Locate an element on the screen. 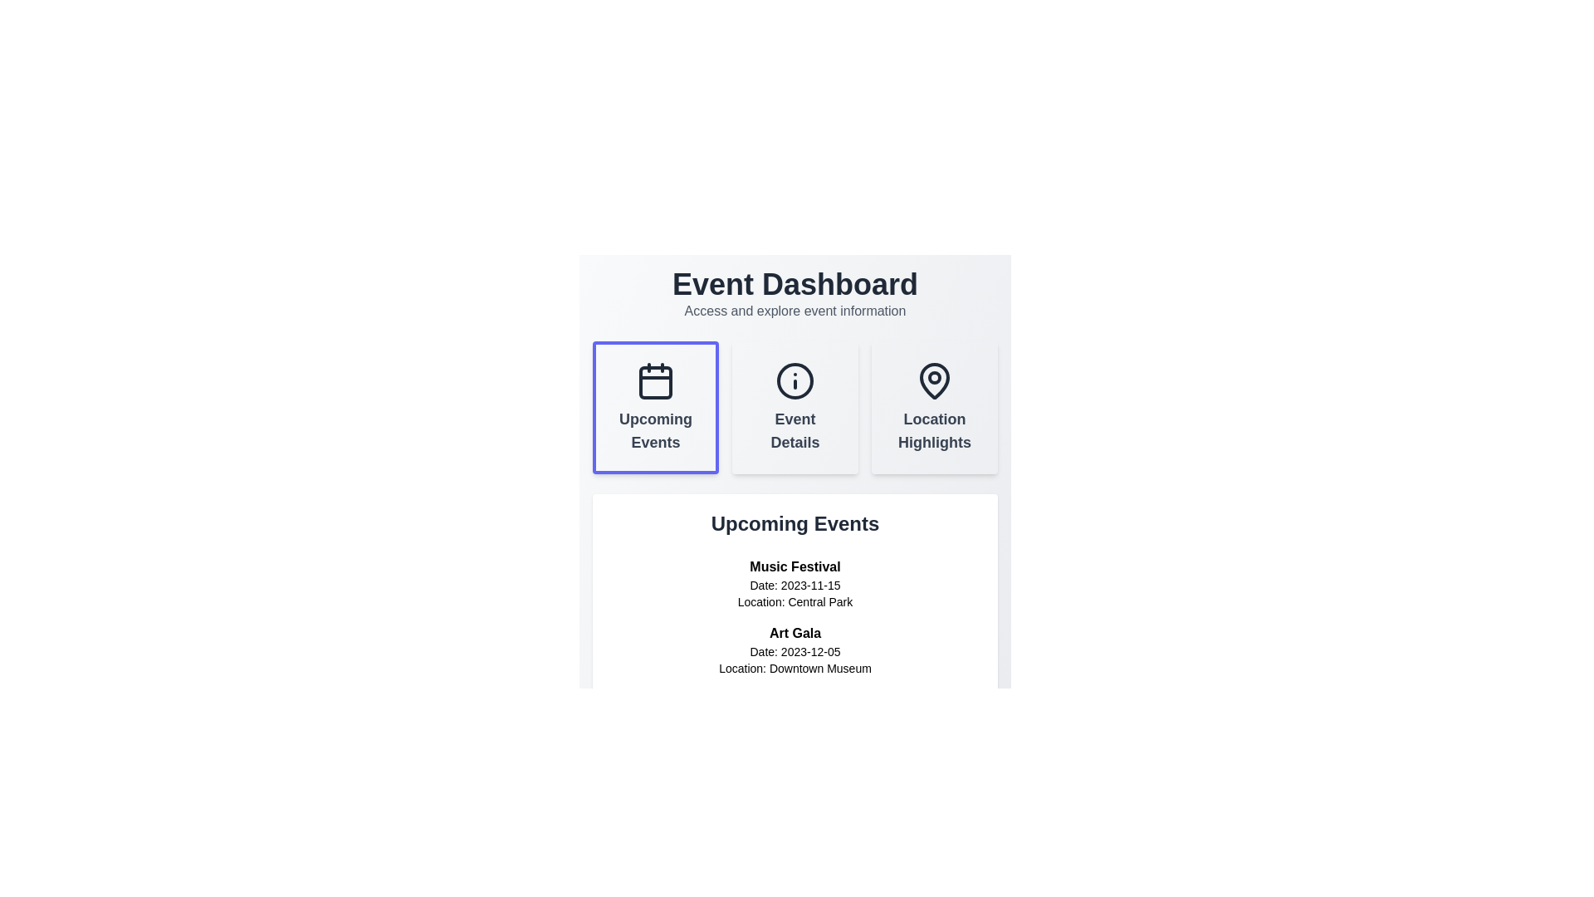 This screenshot has width=1594, height=897. the navigational button located in the middle of the first row, between 'Upcoming Events' and 'Location Highlights' is located at coordinates (795, 407).